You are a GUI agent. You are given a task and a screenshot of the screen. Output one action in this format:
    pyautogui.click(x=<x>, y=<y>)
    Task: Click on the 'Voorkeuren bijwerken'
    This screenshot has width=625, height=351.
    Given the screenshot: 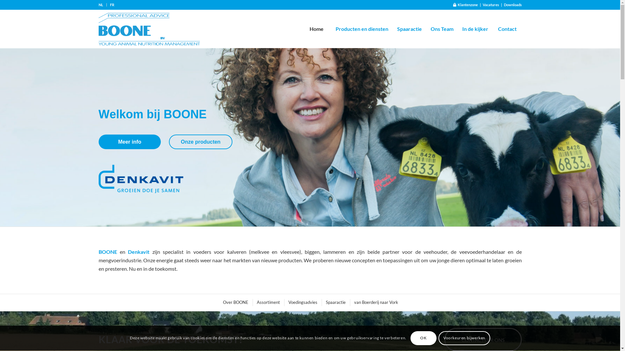 What is the action you would take?
    pyautogui.click(x=464, y=338)
    